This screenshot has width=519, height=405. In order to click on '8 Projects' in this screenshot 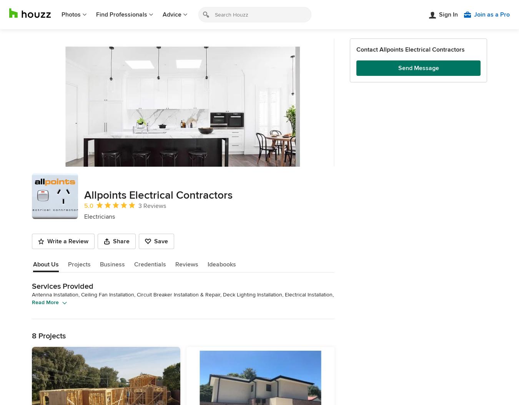, I will do `click(49, 335)`.